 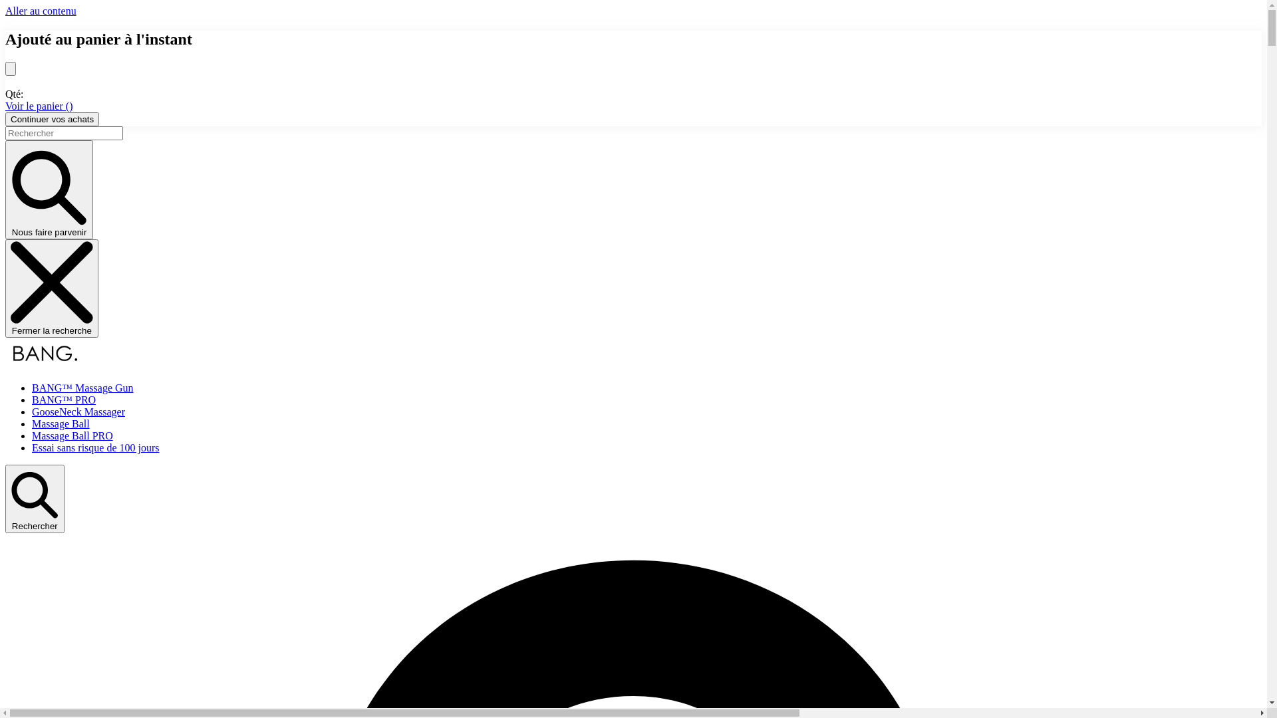 I want to click on 'Voir le panier ()', so click(x=39, y=105).